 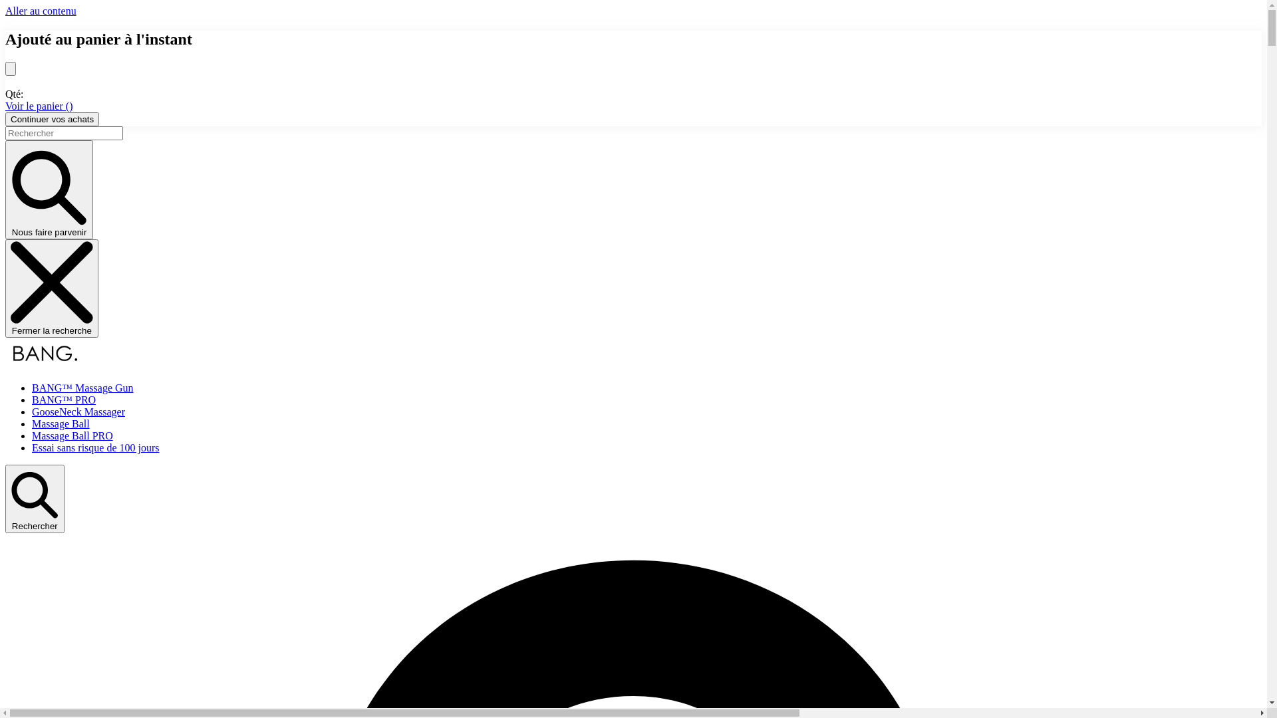 I want to click on 'Voir le panier ()', so click(x=39, y=105).